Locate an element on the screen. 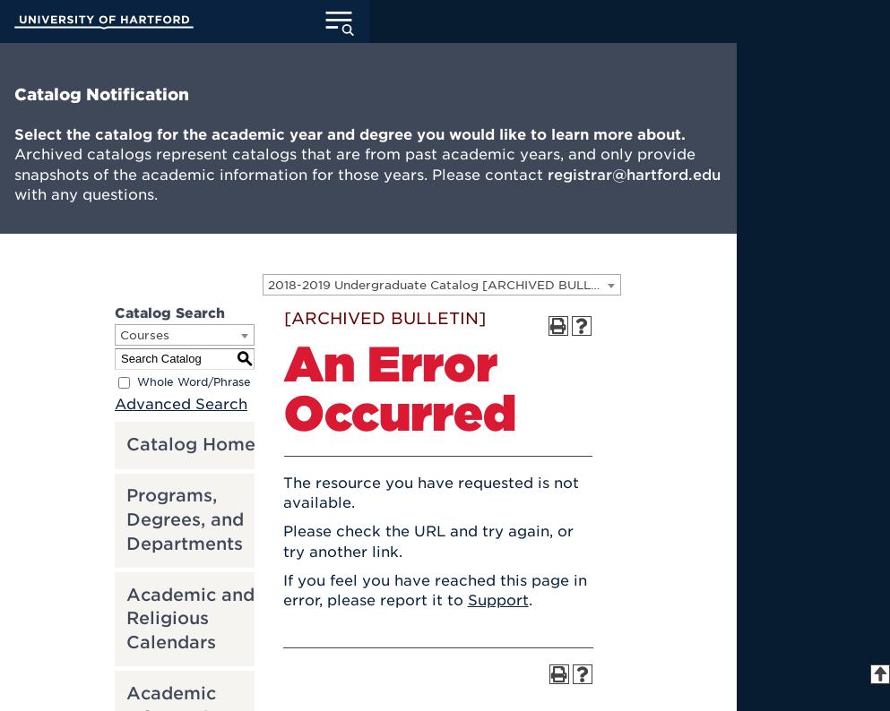 The height and width of the screenshot is (711, 890). 'Select the catalog for the academic year and degree you would like to learn more about.' is located at coordinates (349, 133).